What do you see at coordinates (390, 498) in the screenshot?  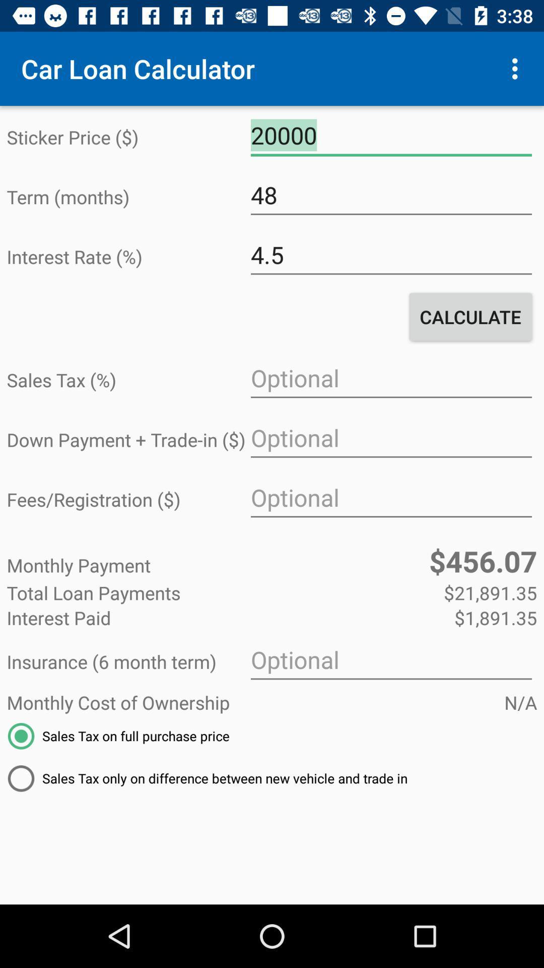 I see `the numeric value of the fees/registration` at bounding box center [390, 498].